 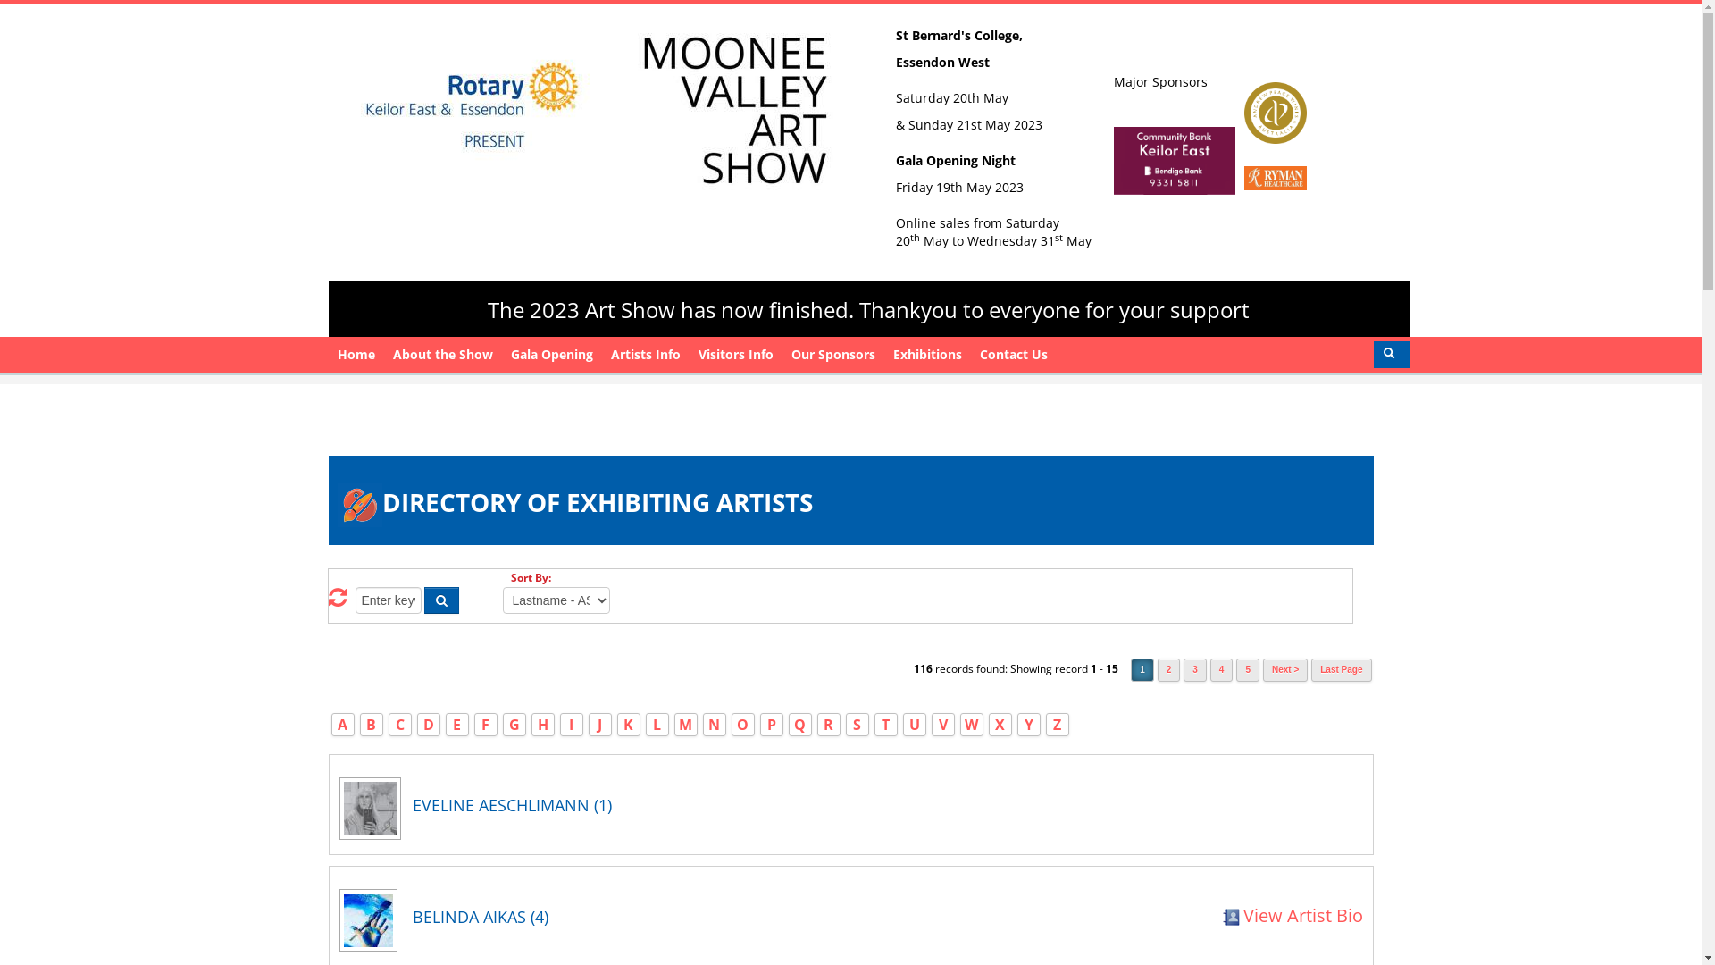 I want to click on 'Q', so click(x=799, y=724).